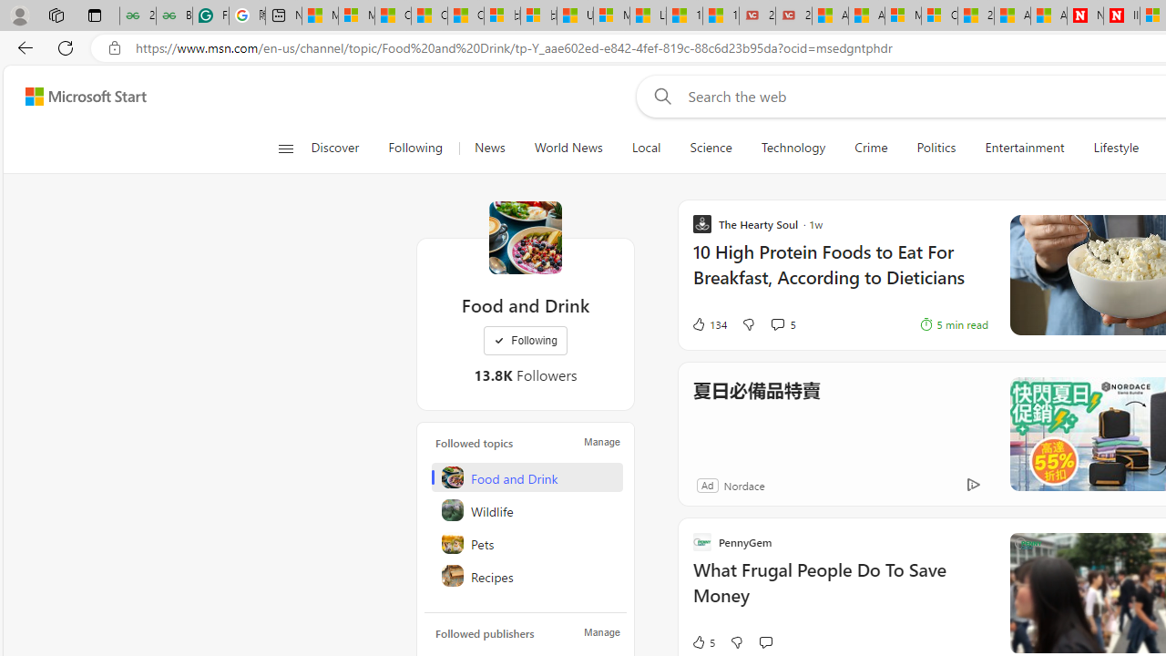 The width and height of the screenshot is (1166, 656). What do you see at coordinates (1085, 15) in the screenshot?
I see `'Newsweek - News, Analysis, Politics, Business, Technology'` at bounding box center [1085, 15].